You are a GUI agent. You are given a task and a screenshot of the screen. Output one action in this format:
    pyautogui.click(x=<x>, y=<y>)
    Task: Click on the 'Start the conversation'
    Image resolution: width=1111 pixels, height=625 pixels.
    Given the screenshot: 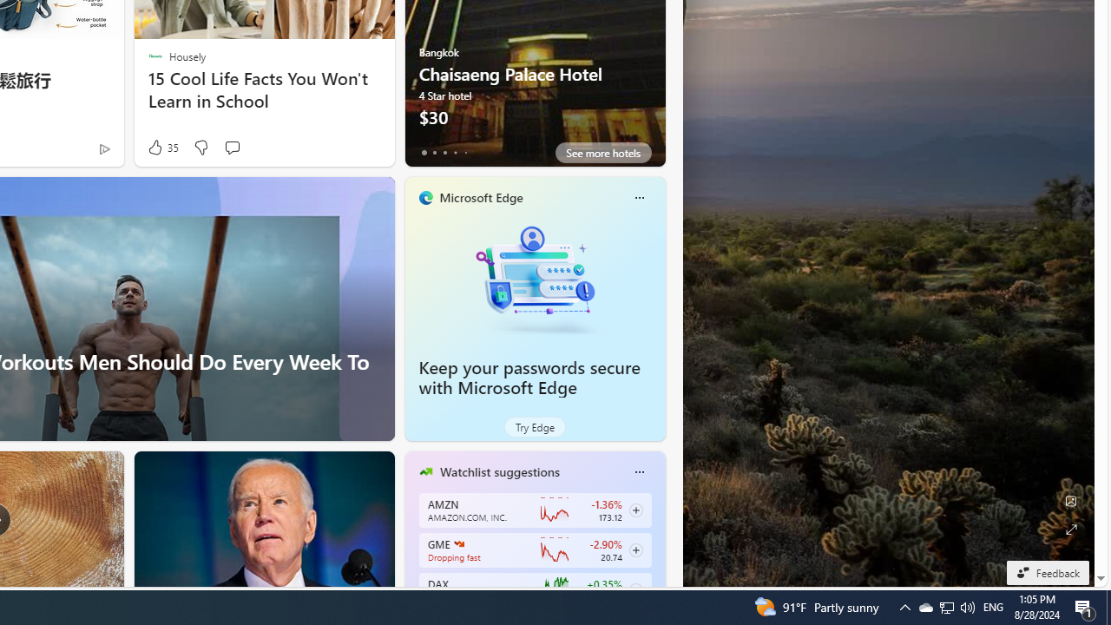 What is the action you would take?
    pyautogui.click(x=231, y=147)
    